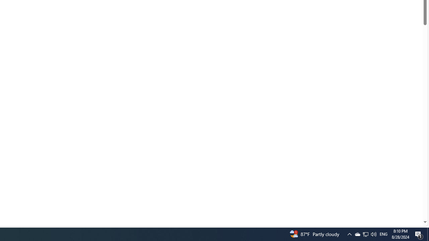 Image resolution: width=429 pixels, height=241 pixels. Describe the element at coordinates (400, 202) in the screenshot. I see `'AutomationID: mfa_root'` at that location.